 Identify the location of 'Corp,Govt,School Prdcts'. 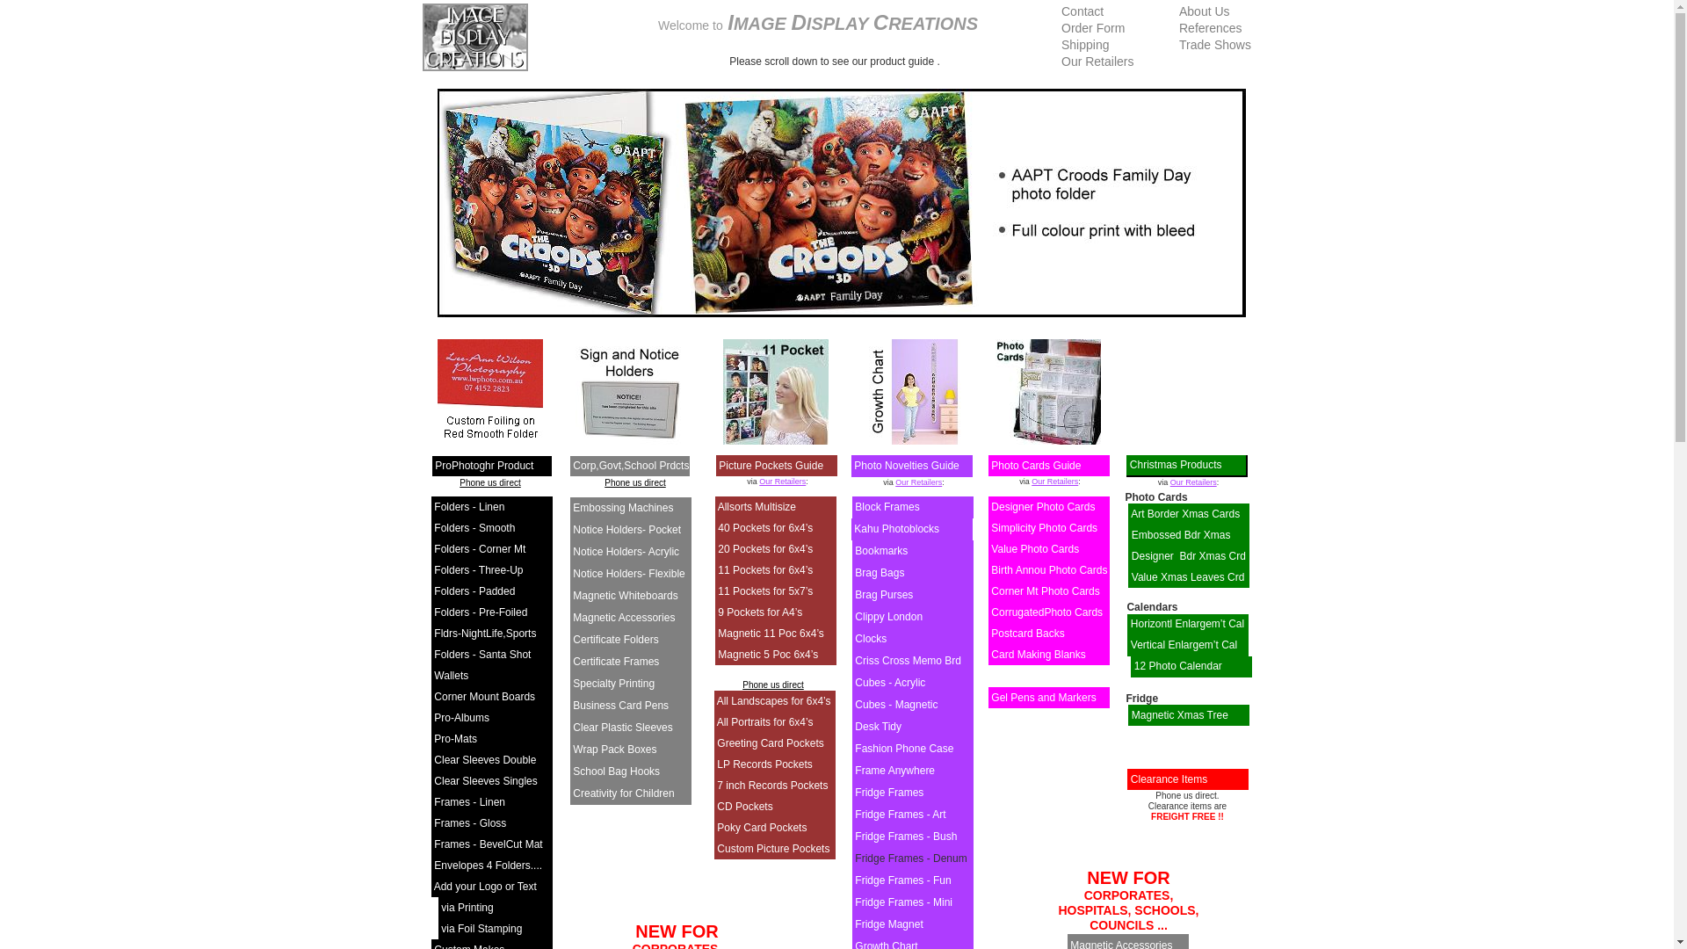
(631, 464).